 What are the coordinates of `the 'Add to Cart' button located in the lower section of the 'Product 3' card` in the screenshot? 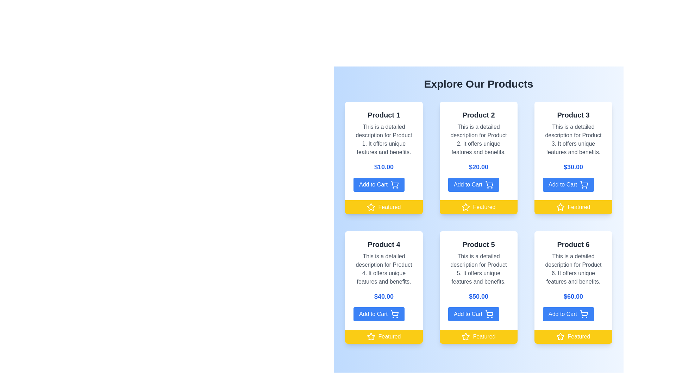 It's located at (568, 184).